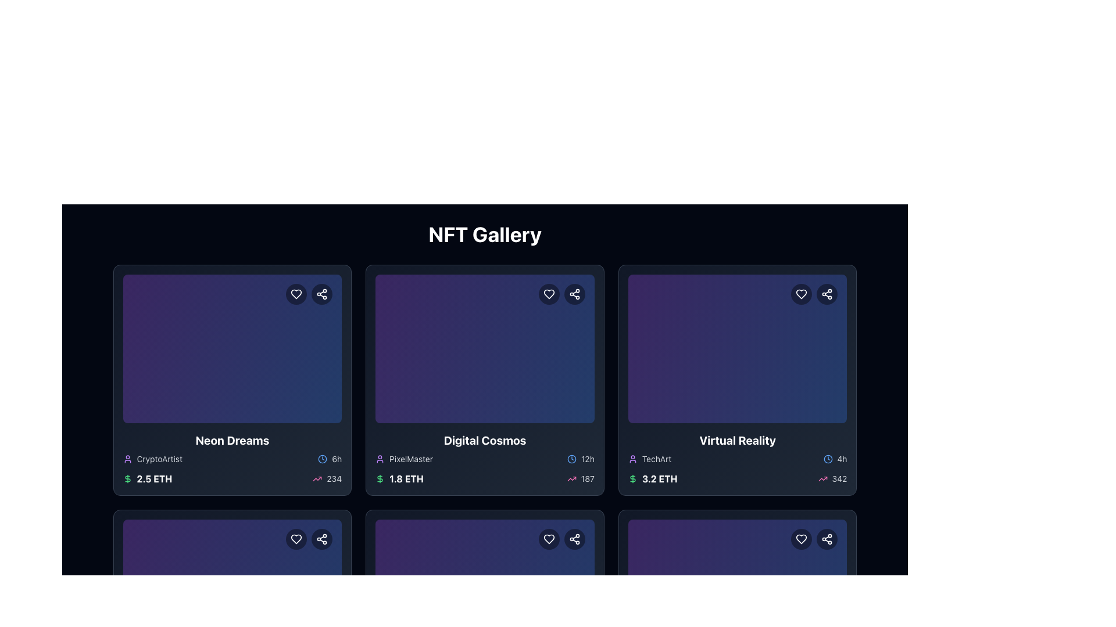 The height and width of the screenshot is (627, 1116). What do you see at coordinates (548, 539) in the screenshot?
I see `the heart-shaped icon located at the top-right corner of the 'Digital Cosmos' card to mark the item as favorite` at bounding box center [548, 539].